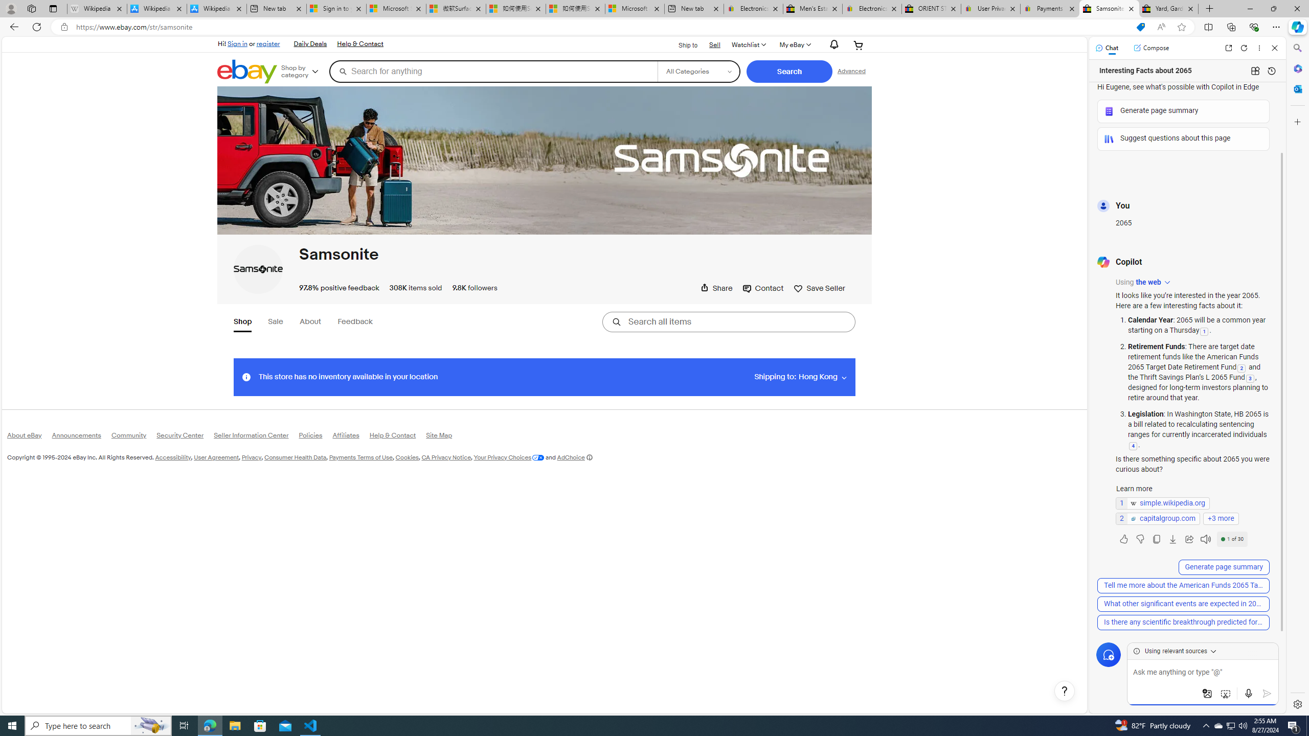 The height and width of the screenshot is (736, 1309). I want to click on 'Save Seller', so click(819, 288).